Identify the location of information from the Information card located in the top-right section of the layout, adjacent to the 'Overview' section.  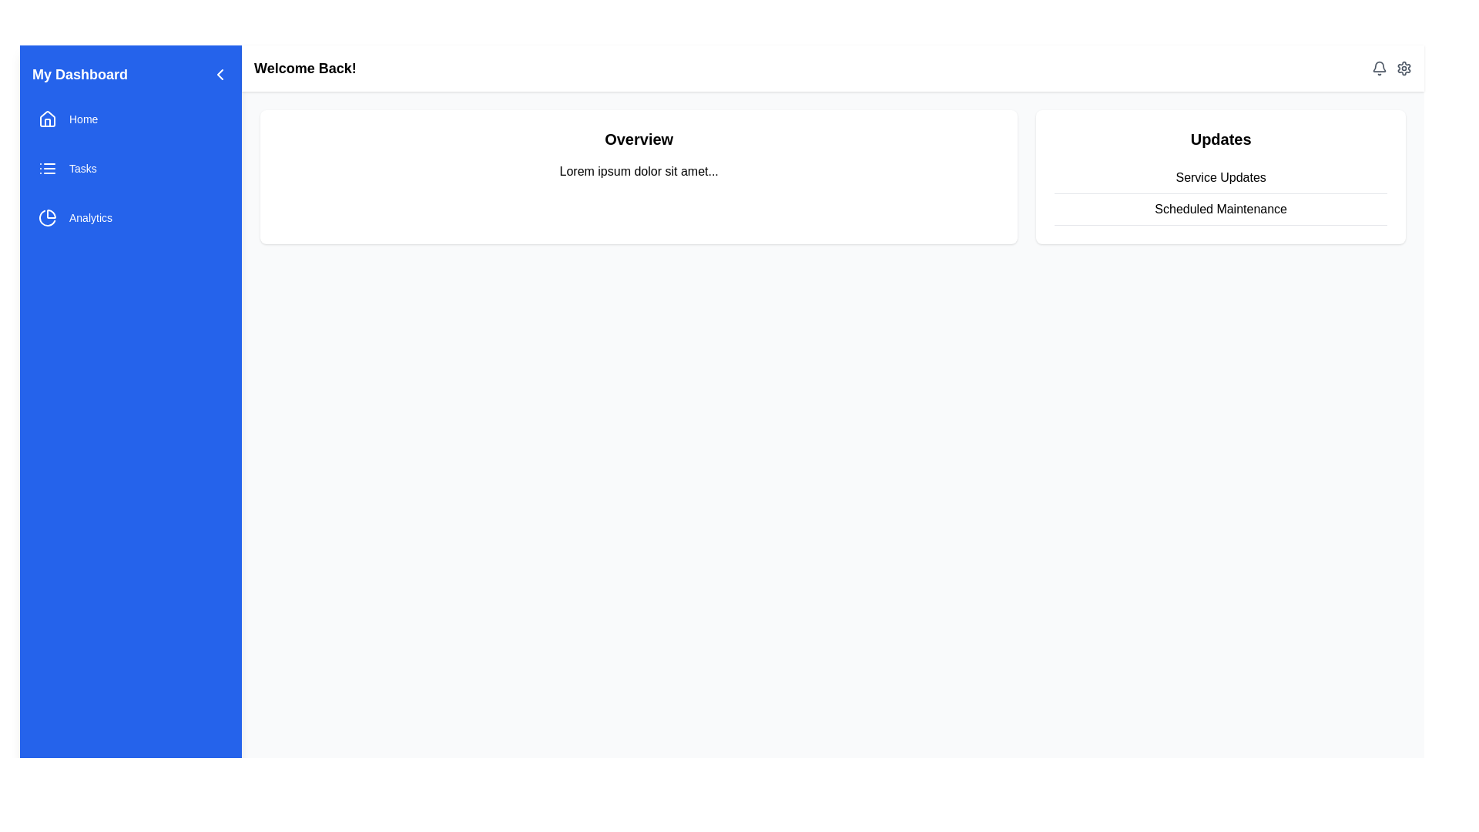
(1220, 176).